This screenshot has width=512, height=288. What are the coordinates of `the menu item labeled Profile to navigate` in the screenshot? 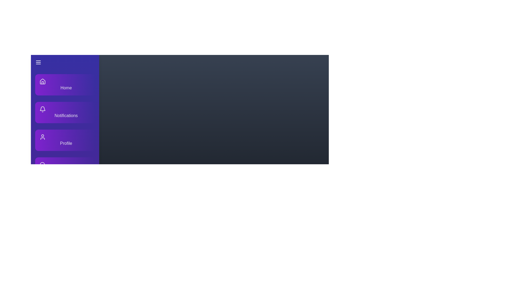 It's located at (65, 140).